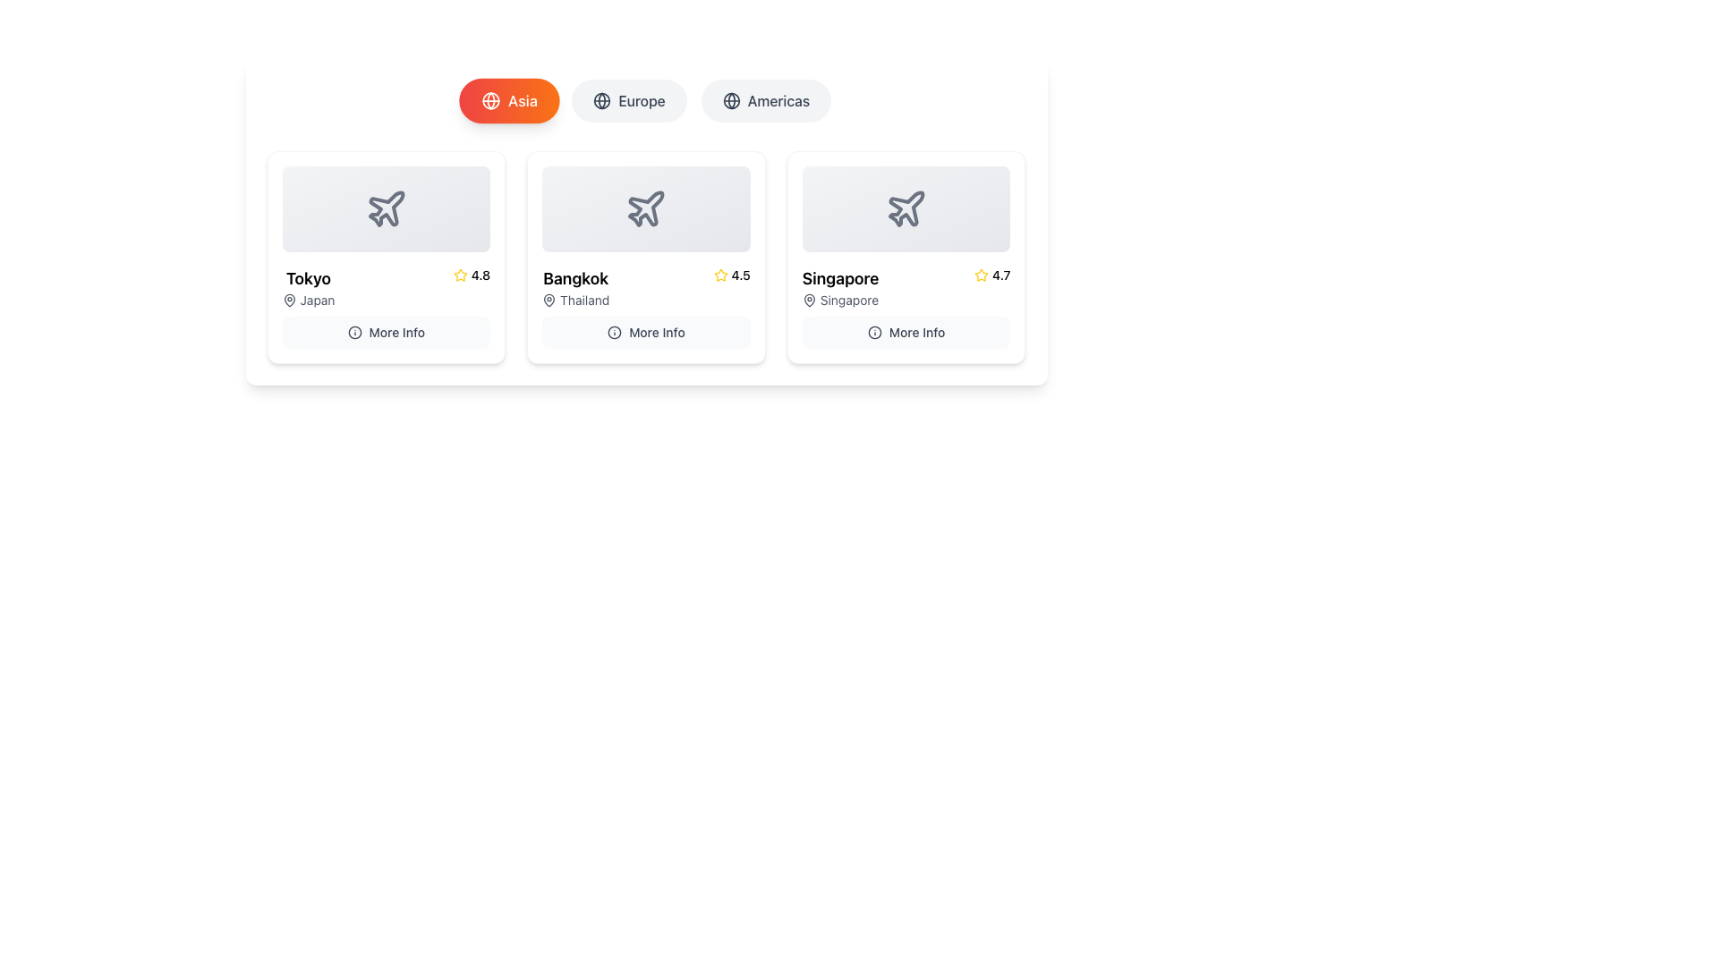 The image size is (1718, 966). What do you see at coordinates (906, 208) in the screenshot?
I see `the airplane icon located in the Singapore card, which is the third card from the left, centrally aligned within the upper part of the grayed rectangular area` at bounding box center [906, 208].